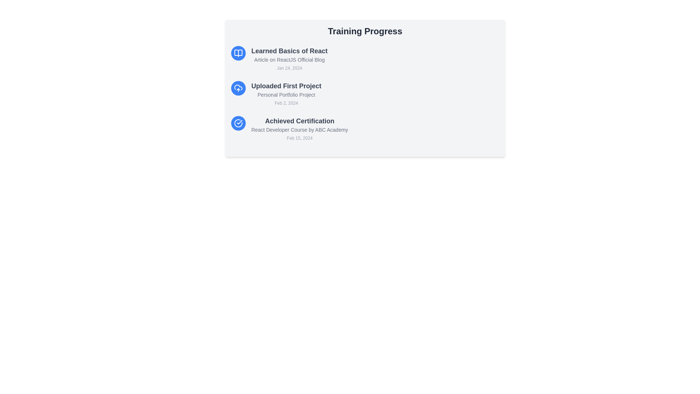 This screenshot has height=394, width=700. I want to click on text element displaying 'React Developer Course by ABC Academy', which provides information about the achievement 'Achieved Certification', so click(300, 129).